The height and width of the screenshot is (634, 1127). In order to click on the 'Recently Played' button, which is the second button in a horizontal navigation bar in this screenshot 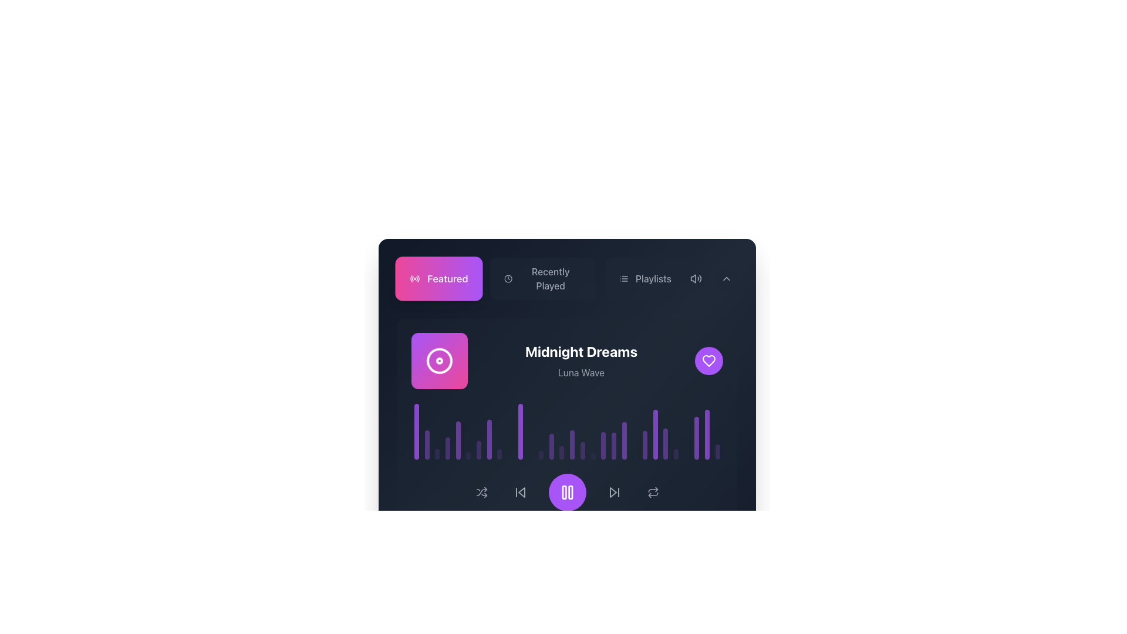, I will do `click(541, 278)`.